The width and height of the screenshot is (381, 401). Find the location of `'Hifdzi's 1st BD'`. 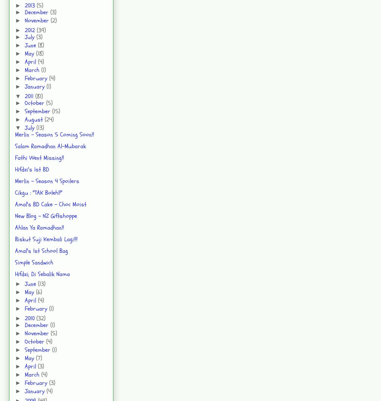

'Hifdzi's 1st BD' is located at coordinates (14, 169).